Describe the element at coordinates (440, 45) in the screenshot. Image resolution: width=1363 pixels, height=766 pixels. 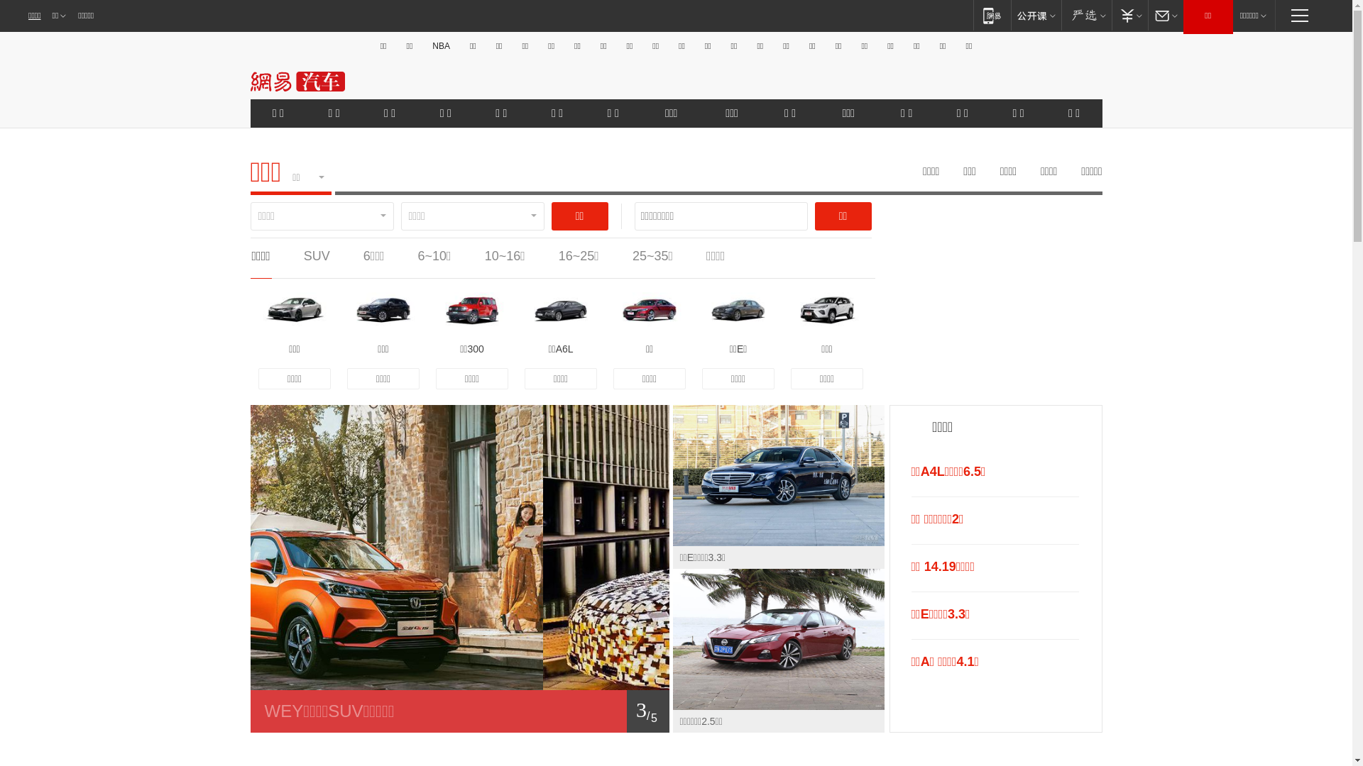
I see `'NBA'` at that location.